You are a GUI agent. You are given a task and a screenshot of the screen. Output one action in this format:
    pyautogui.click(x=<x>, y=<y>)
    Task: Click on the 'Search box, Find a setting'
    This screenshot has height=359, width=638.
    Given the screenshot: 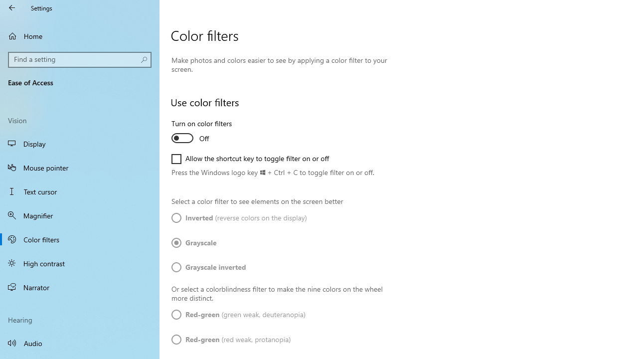 What is the action you would take?
    pyautogui.click(x=80, y=59)
    